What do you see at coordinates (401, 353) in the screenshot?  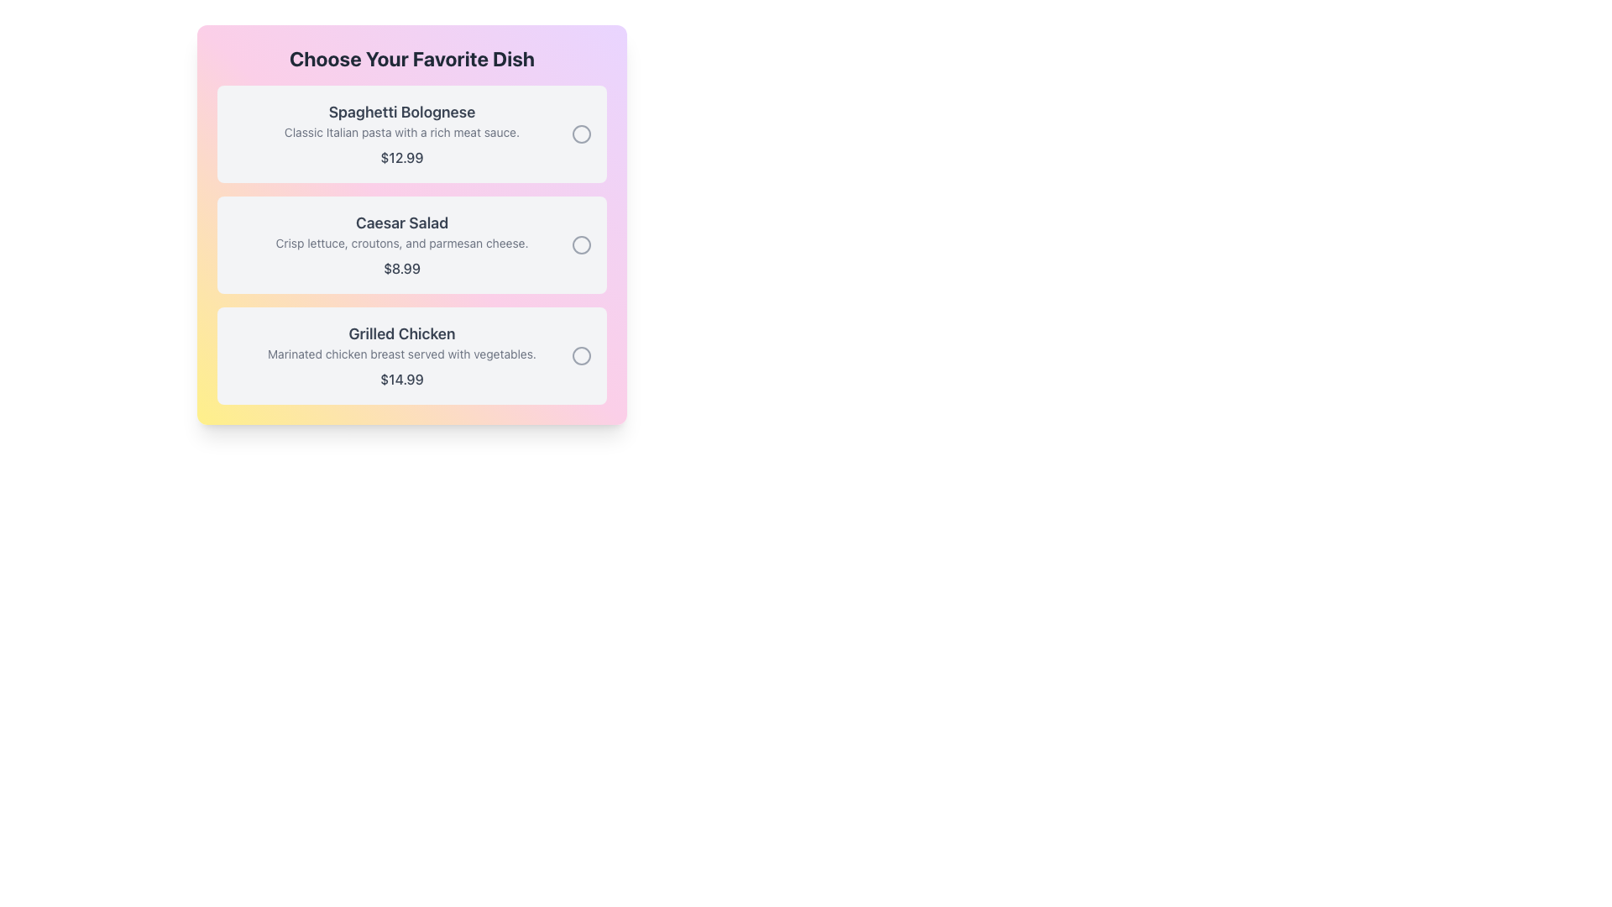 I see `the static text element displaying 'Marinated chicken breast served with vegetables', located below the title 'Grilled Chicken' and above the price '$14.99'` at bounding box center [401, 353].